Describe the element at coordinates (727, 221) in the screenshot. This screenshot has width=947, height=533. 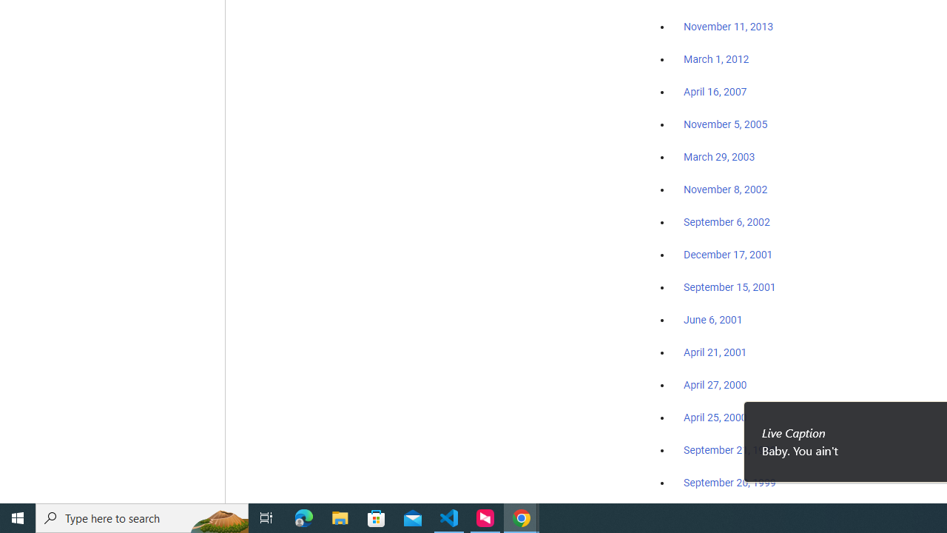
I see `'September 6, 2002'` at that location.